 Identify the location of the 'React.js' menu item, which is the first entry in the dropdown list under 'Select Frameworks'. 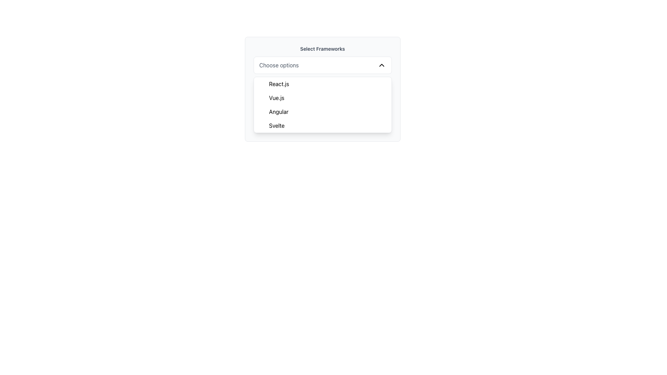
(322, 84).